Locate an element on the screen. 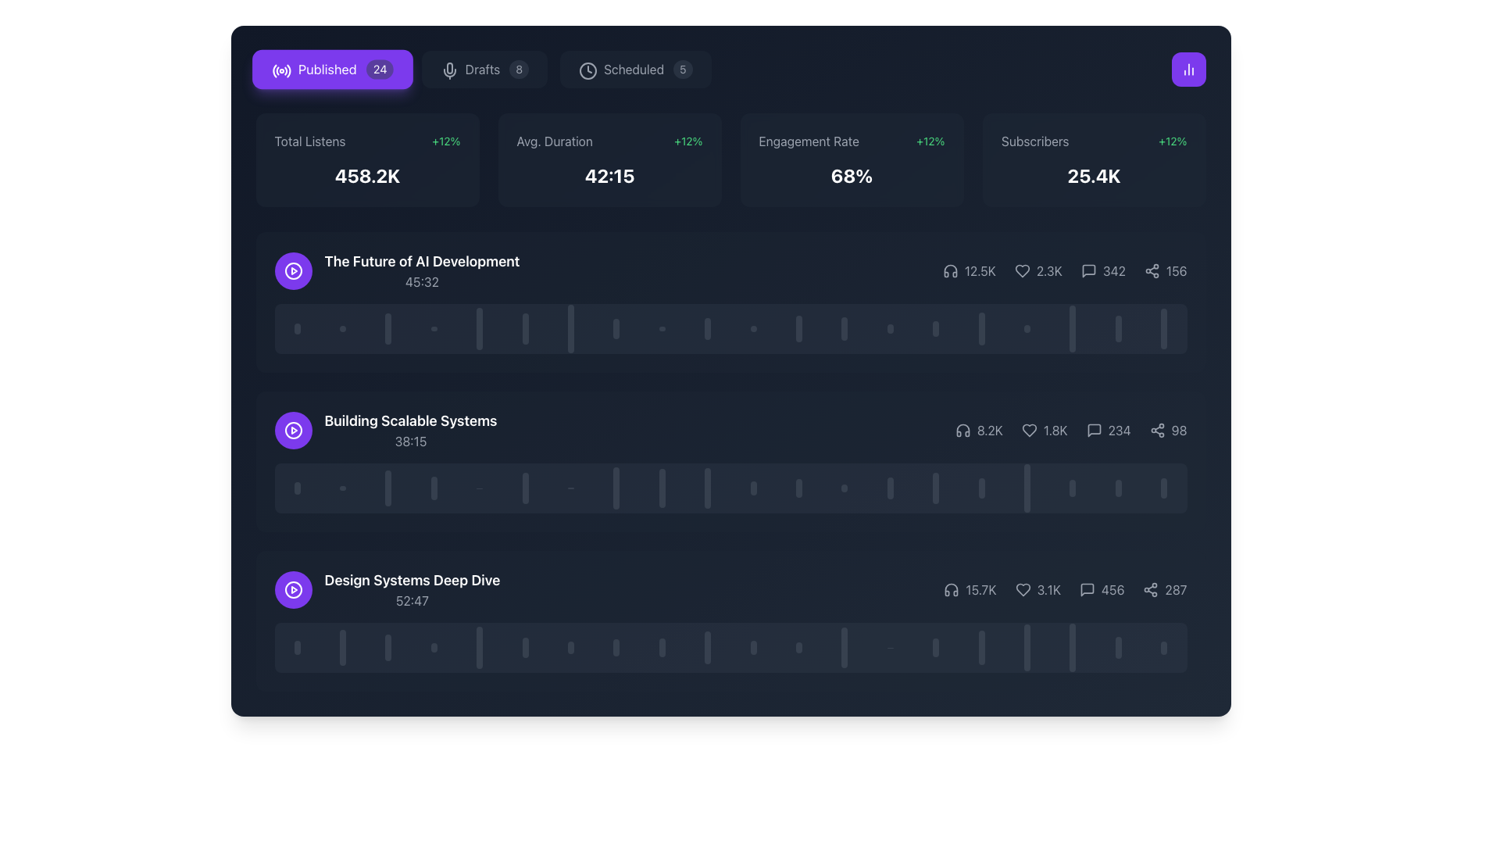  the text label that identifies a specific segment, located to the right of the circular play button and above the smaller text displaying '38:15', in the second item of a list is located at coordinates (411, 420).